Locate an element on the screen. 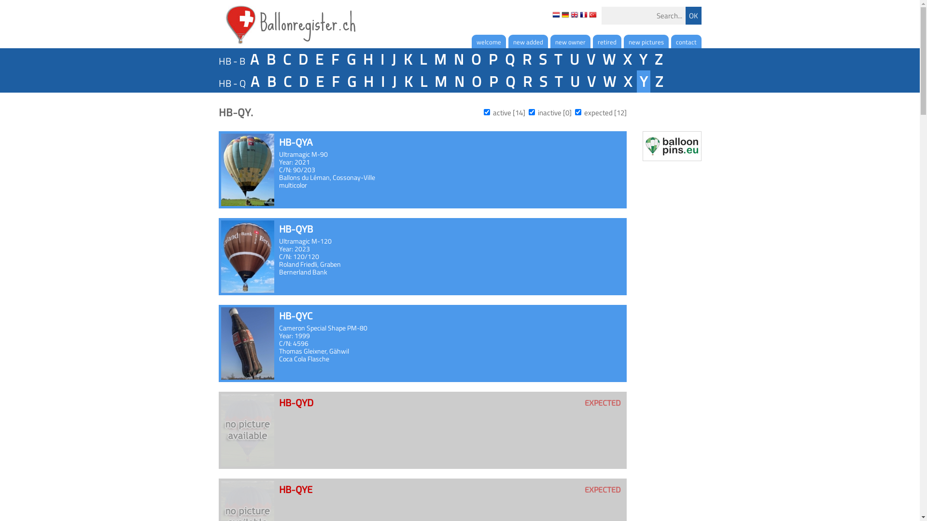 The width and height of the screenshot is (927, 521). 'E' is located at coordinates (319, 59).